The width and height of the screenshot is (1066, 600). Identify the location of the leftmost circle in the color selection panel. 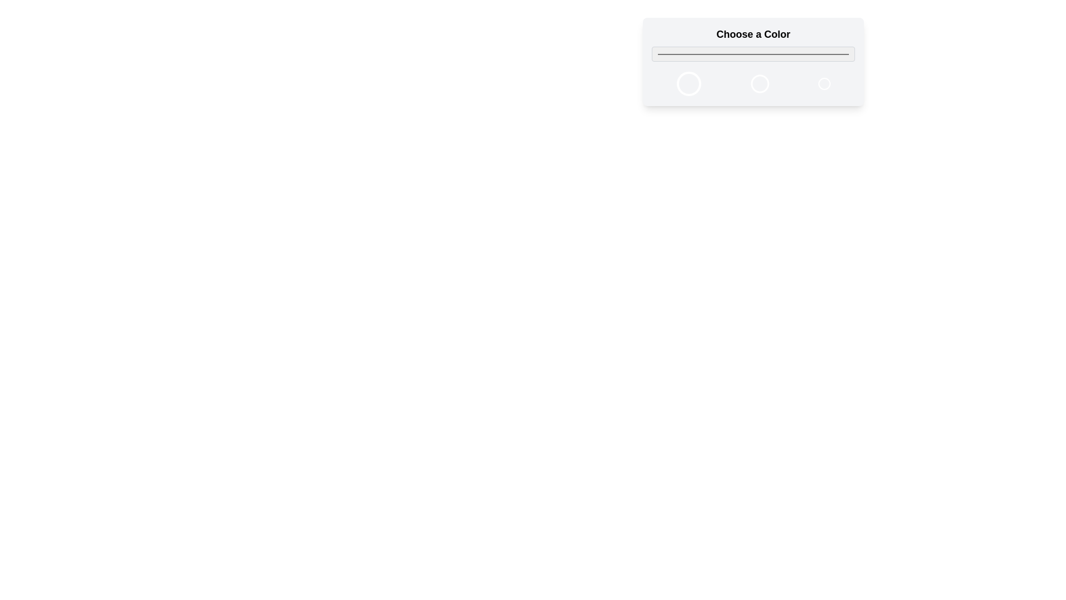
(688, 83).